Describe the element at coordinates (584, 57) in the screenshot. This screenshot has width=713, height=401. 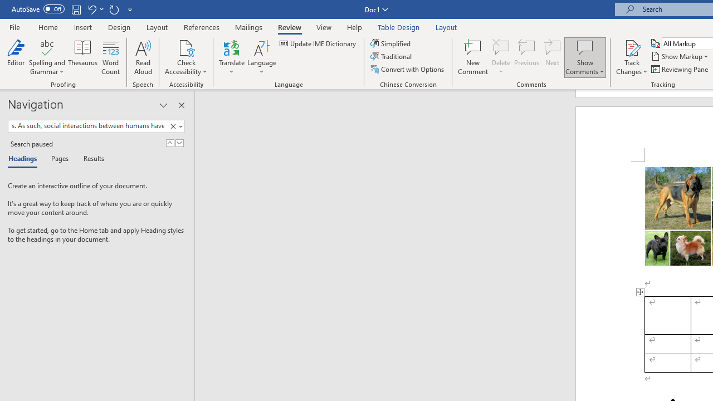
I see `'Show Comments'` at that location.